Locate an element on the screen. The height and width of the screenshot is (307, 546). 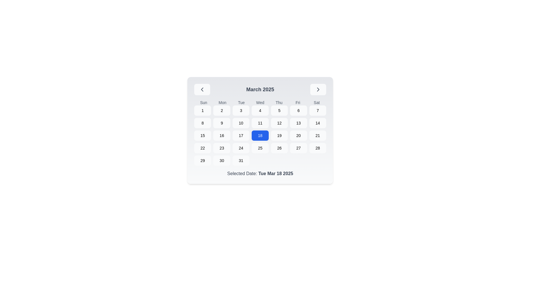
the navigation button located to the left of 'March 2025' to trigger the visual hover state is located at coordinates (202, 90).